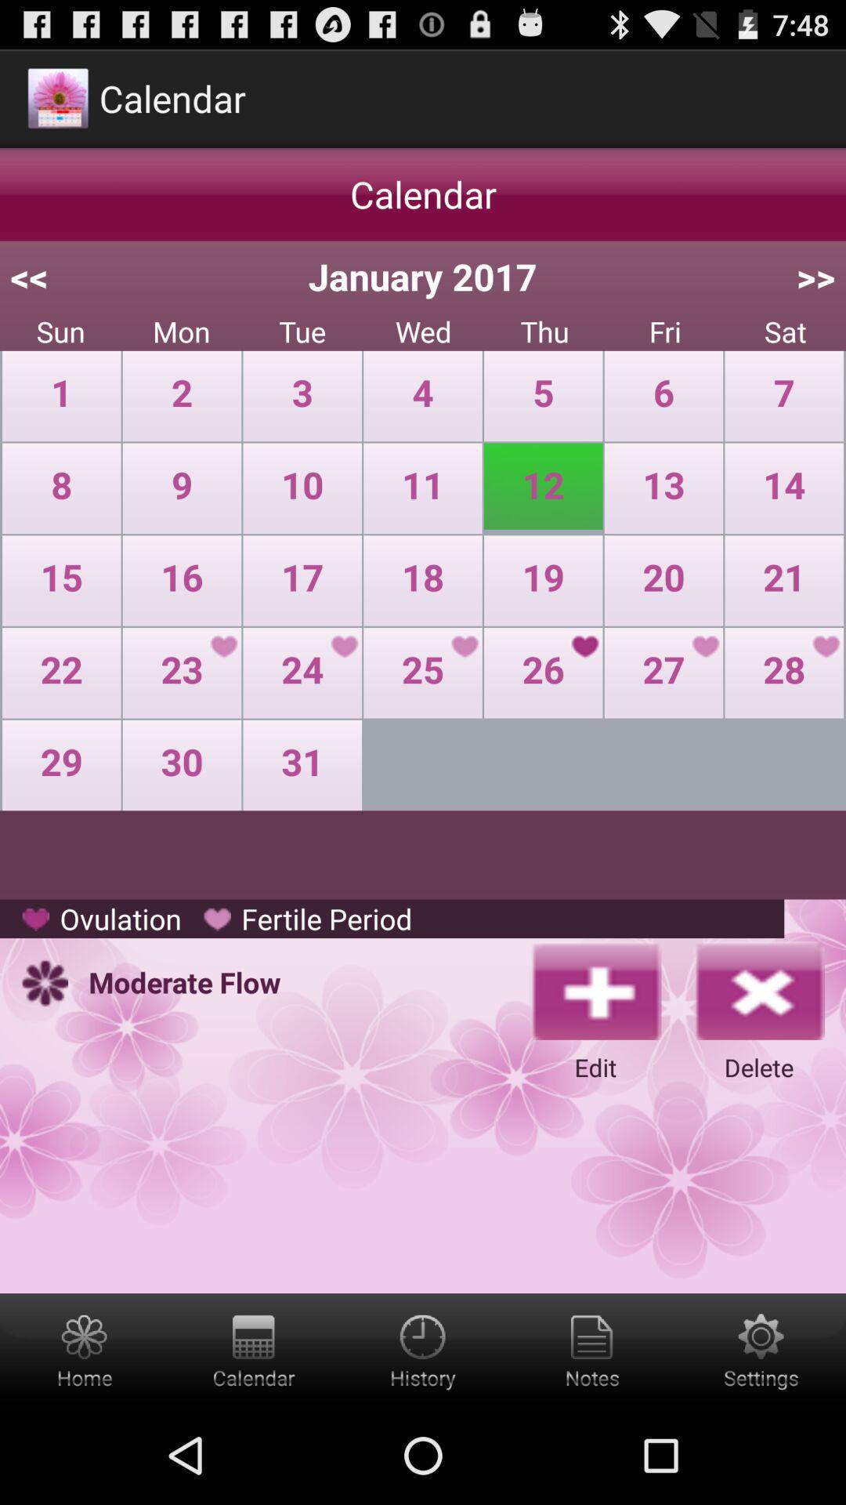 Image resolution: width=846 pixels, height=1505 pixels. Describe the element at coordinates (592, 1349) in the screenshot. I see `notes here` at that location.